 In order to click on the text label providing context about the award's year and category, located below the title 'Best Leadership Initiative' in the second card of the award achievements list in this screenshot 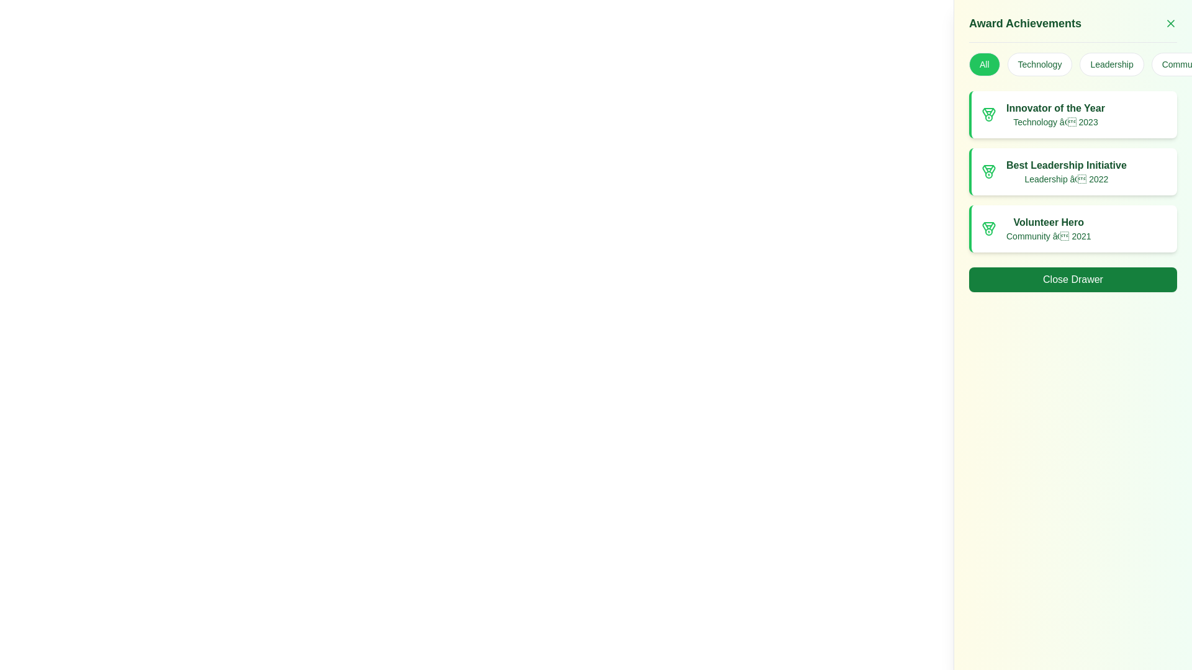, I will do `click(1066, 179)`.